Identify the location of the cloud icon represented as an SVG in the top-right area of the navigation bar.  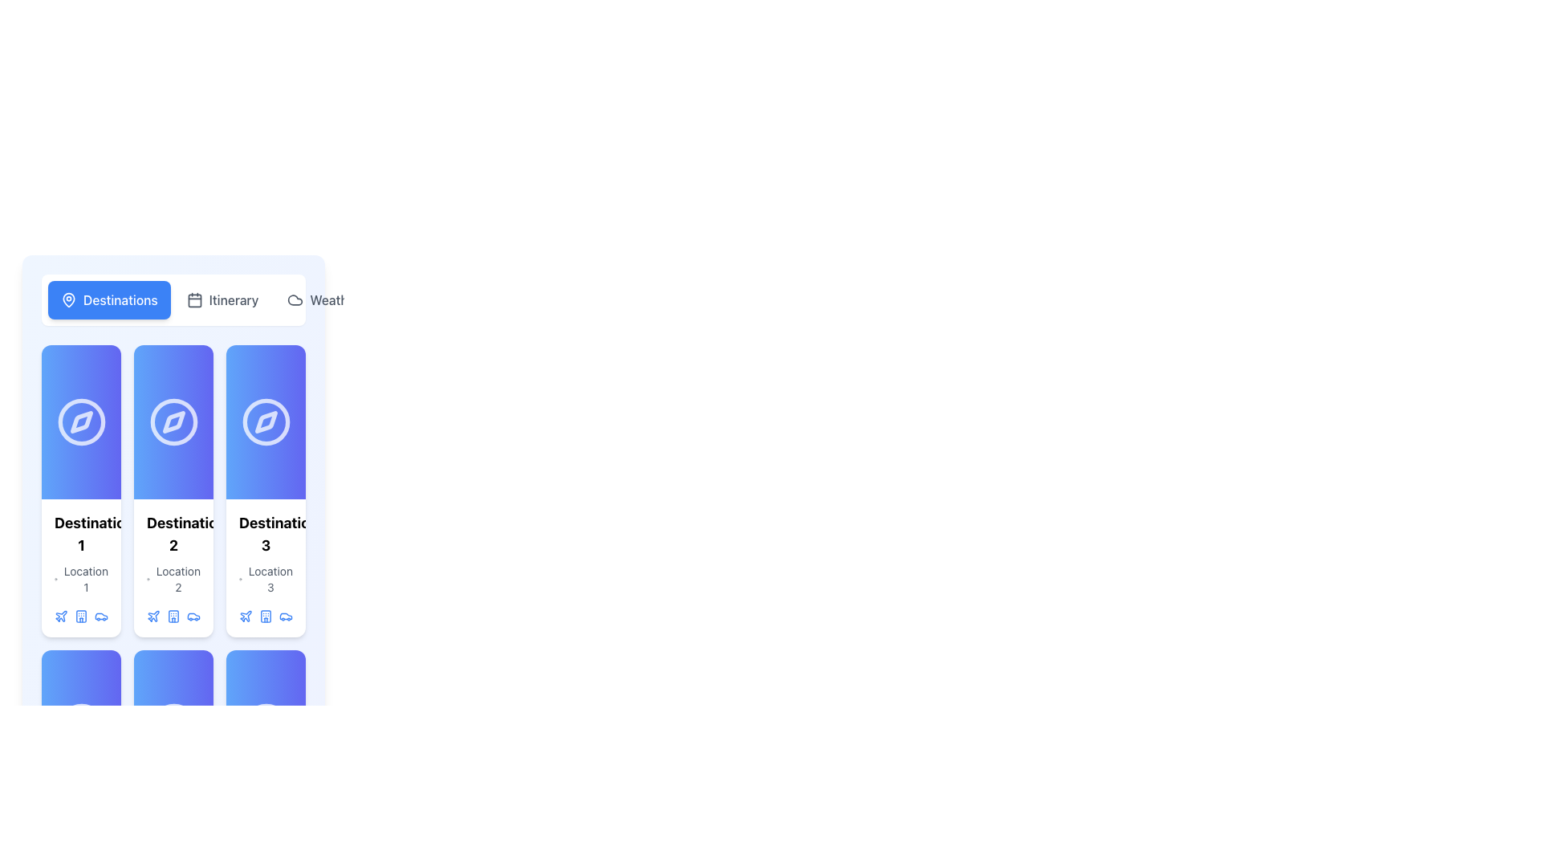
(295, 300).